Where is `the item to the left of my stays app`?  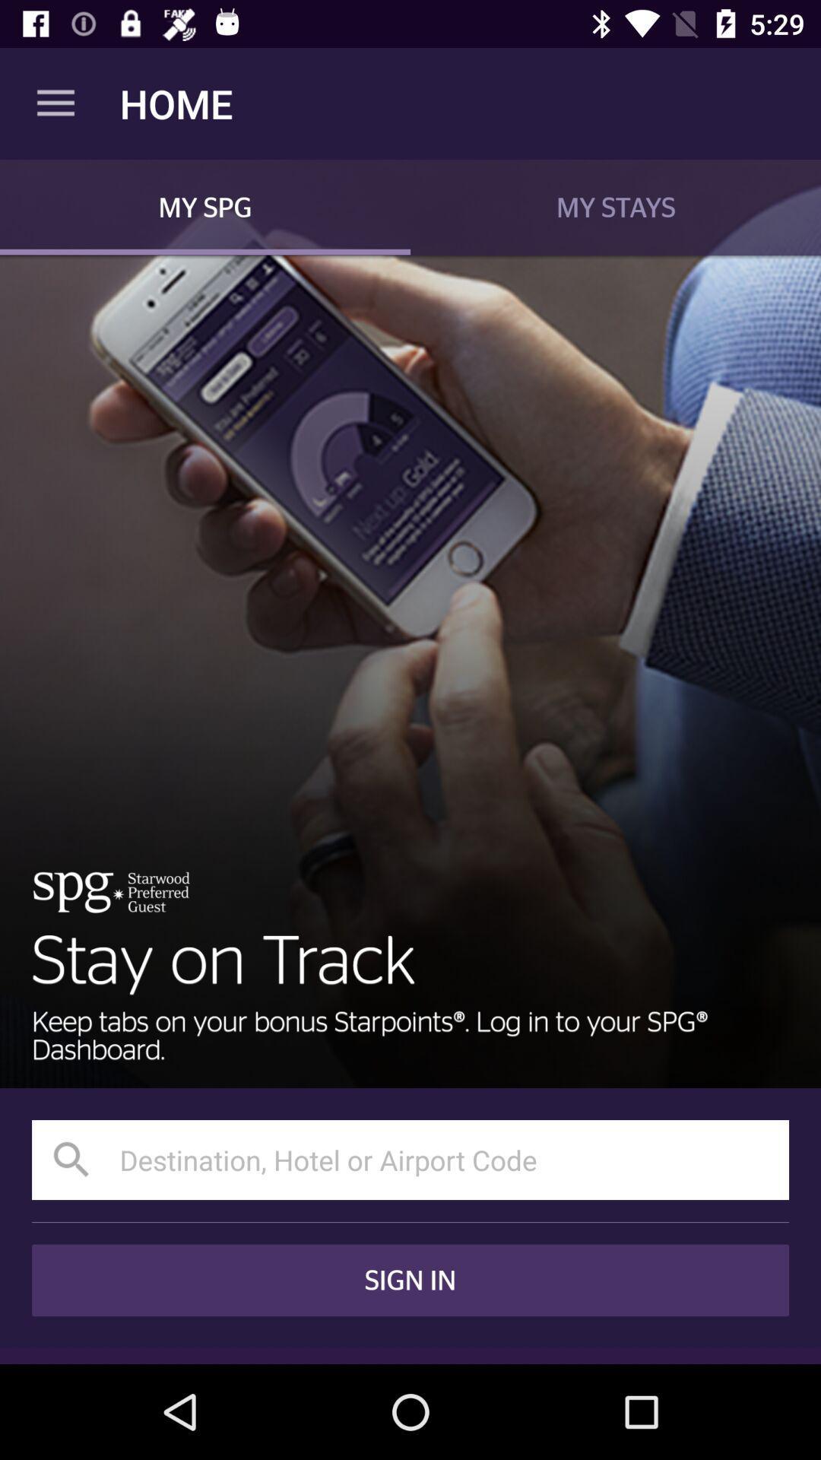
the item to the left of my stays app is located at coordinates (205, 206).